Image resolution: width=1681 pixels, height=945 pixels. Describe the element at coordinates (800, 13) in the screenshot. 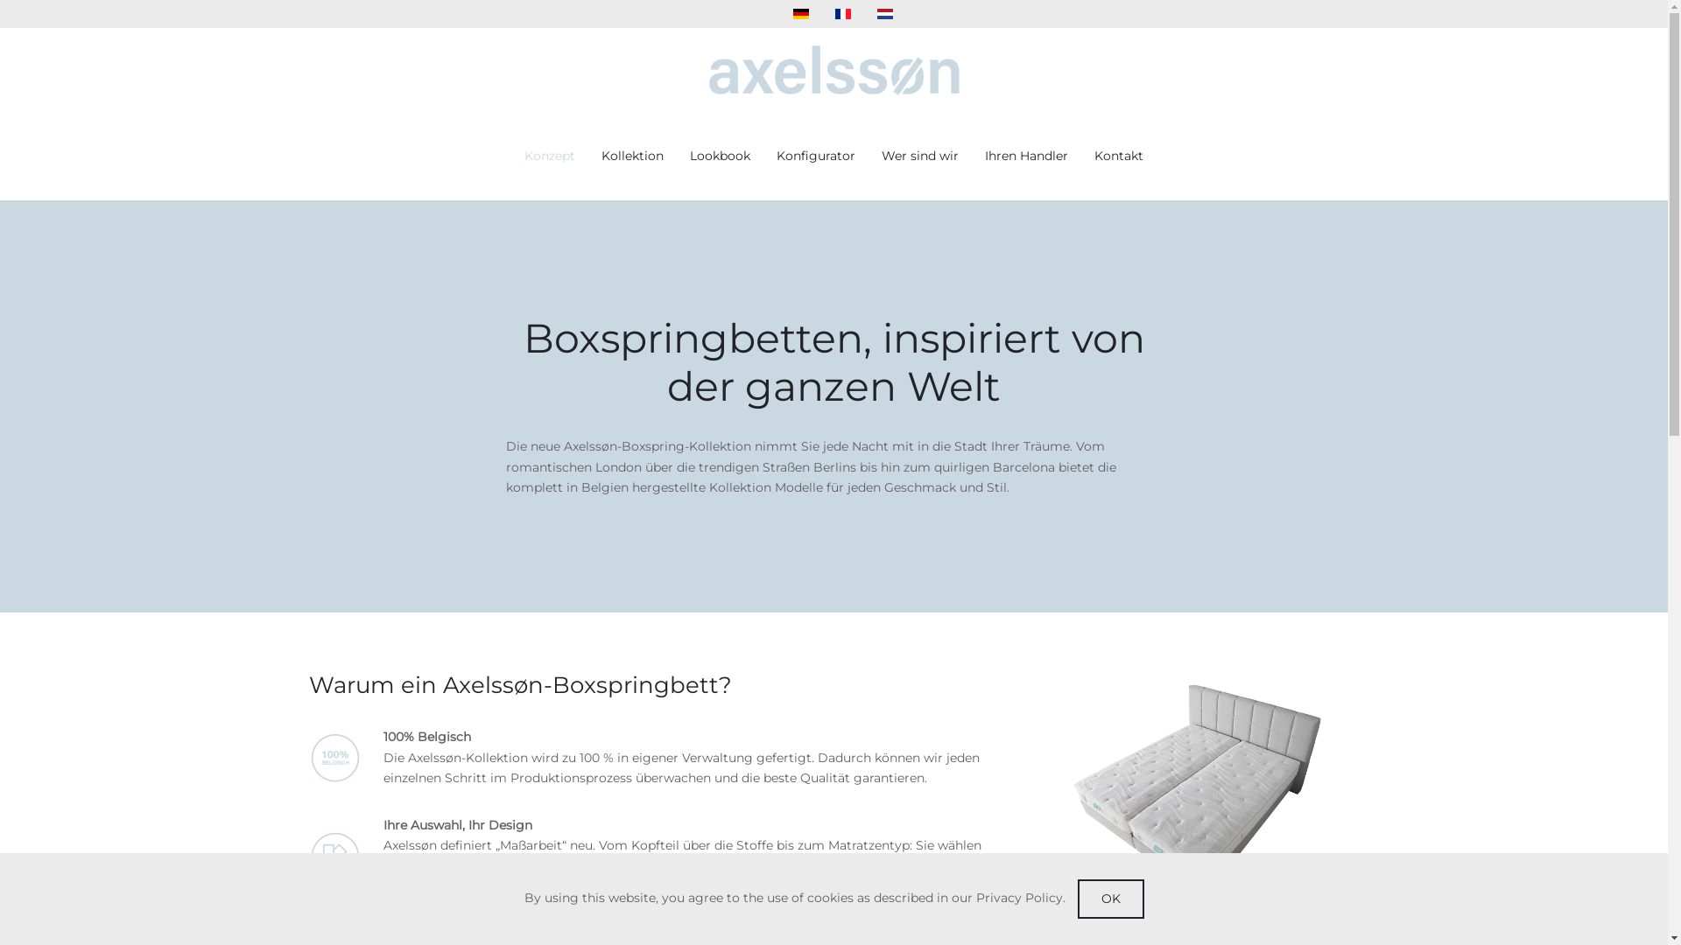

I see `'Deutsch (Deutschland)'` at that location.